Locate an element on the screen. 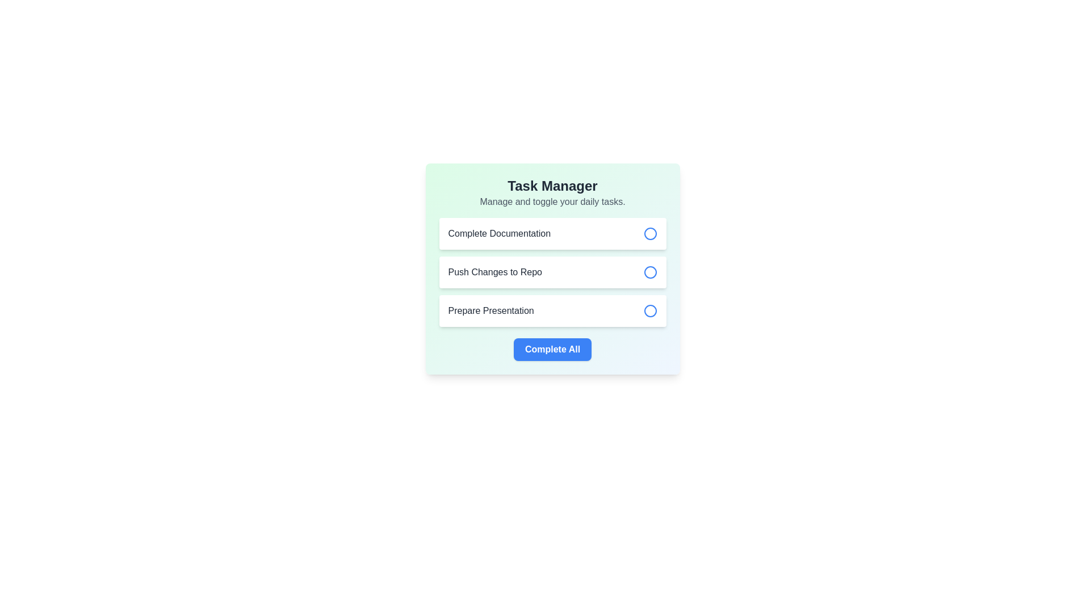 Image resolution: width=1090 pixels, height=613 pixels. the radio button toggle for 'Complete Documentation' is located at coordinates (650, 233).